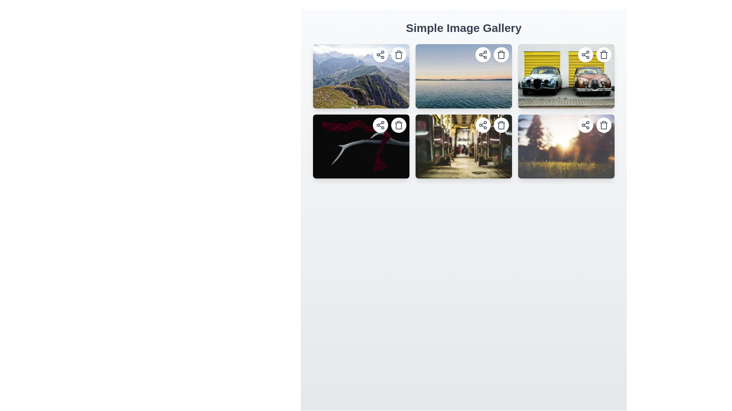  What do you see at coordinates (585, 124) in the screenshot?
I see `the share button located in the top-right corner of the image card` at bounding box center [585, 124].